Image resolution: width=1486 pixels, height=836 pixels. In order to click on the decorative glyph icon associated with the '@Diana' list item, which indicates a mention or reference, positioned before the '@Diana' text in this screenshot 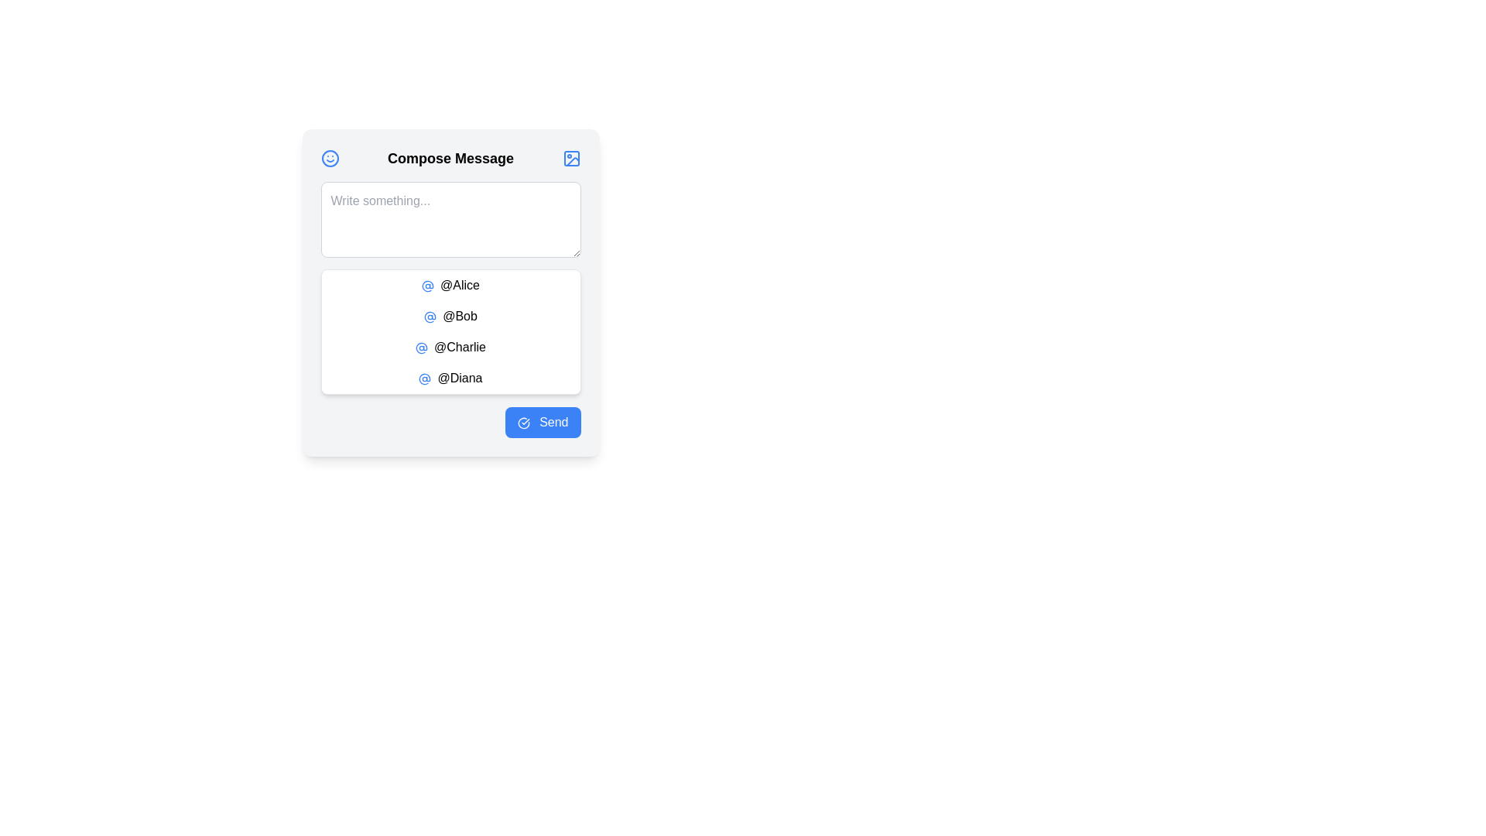, I will do `click(425, 379)`.